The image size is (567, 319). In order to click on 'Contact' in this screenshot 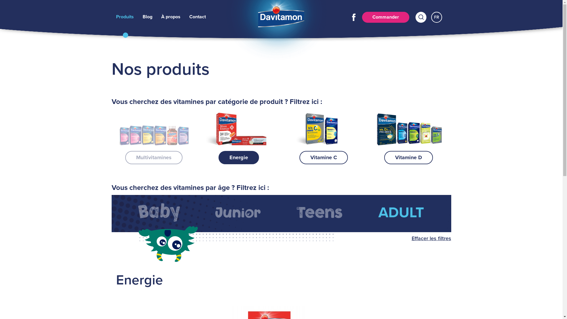, I will do `click(188, 17)`.